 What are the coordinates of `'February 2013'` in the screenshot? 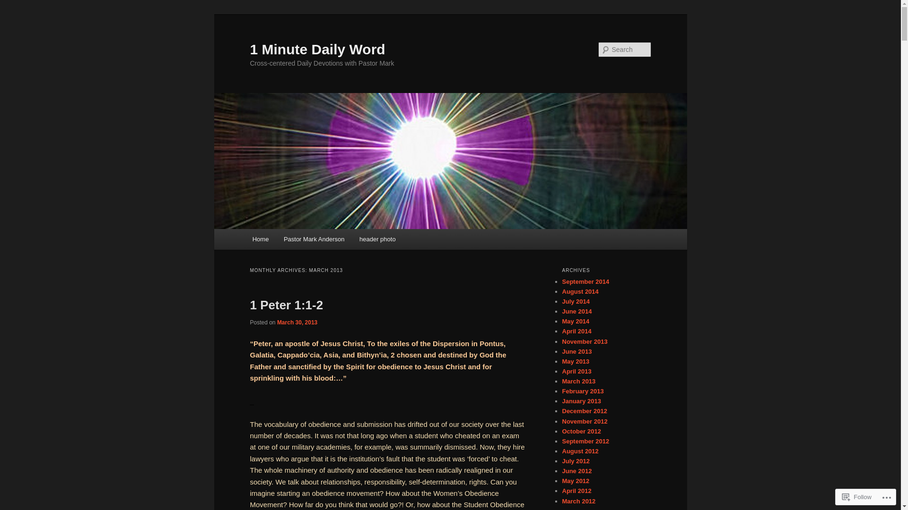 It's located at (582, 391).